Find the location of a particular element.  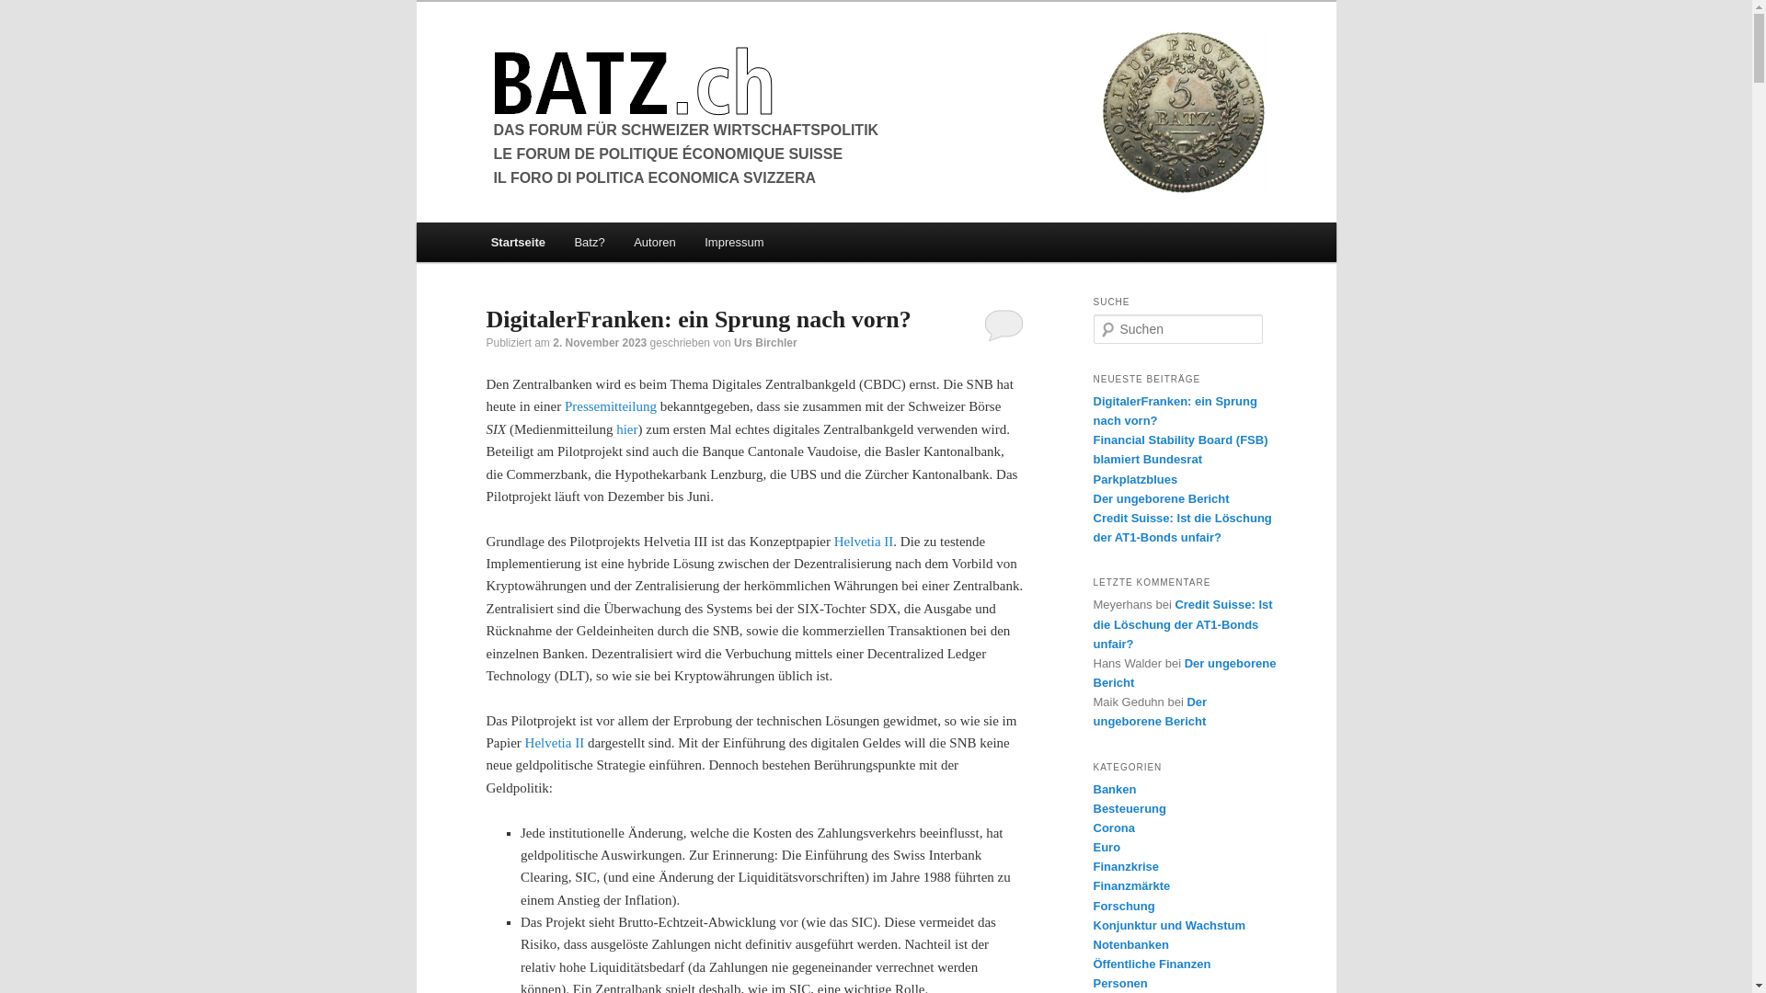

'Parkplatzblues' is located at coordinates (1133, 478).